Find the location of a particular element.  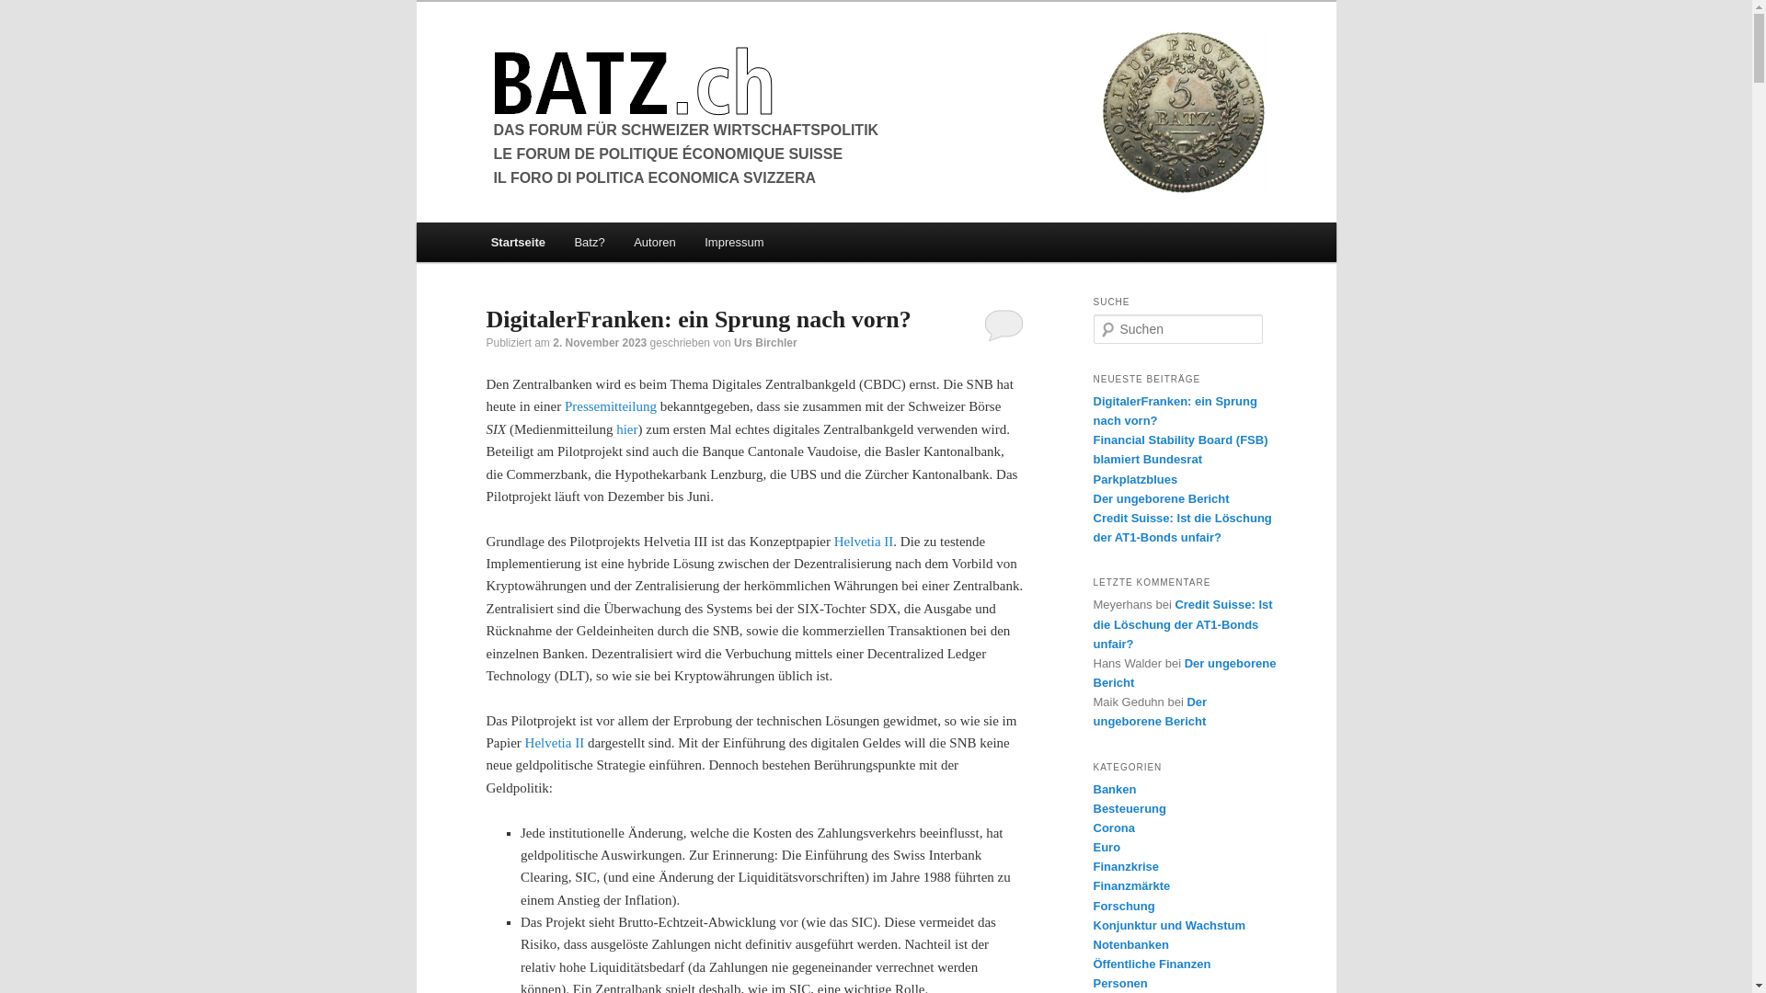

'Parkplatzblues' is located at coordinates (1133, 478).